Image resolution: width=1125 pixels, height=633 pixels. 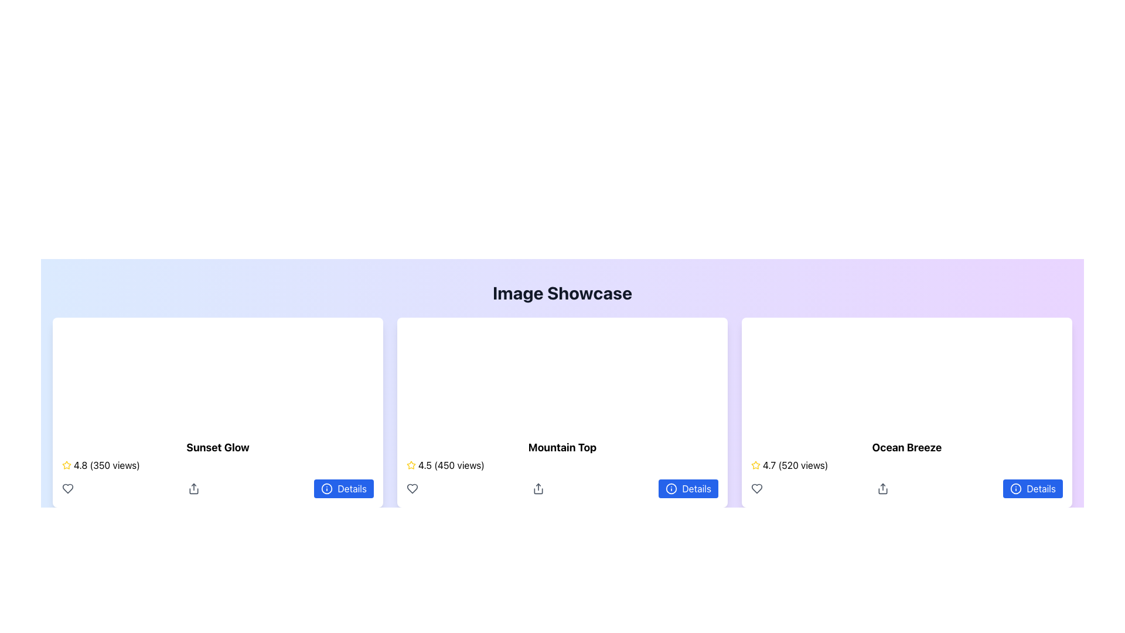 I want to click on the 'Share' button represented by an upward arrow icon located to the left of the 'Details' button in the 'Ocean Breeze' section, so click(x=883, y=488).